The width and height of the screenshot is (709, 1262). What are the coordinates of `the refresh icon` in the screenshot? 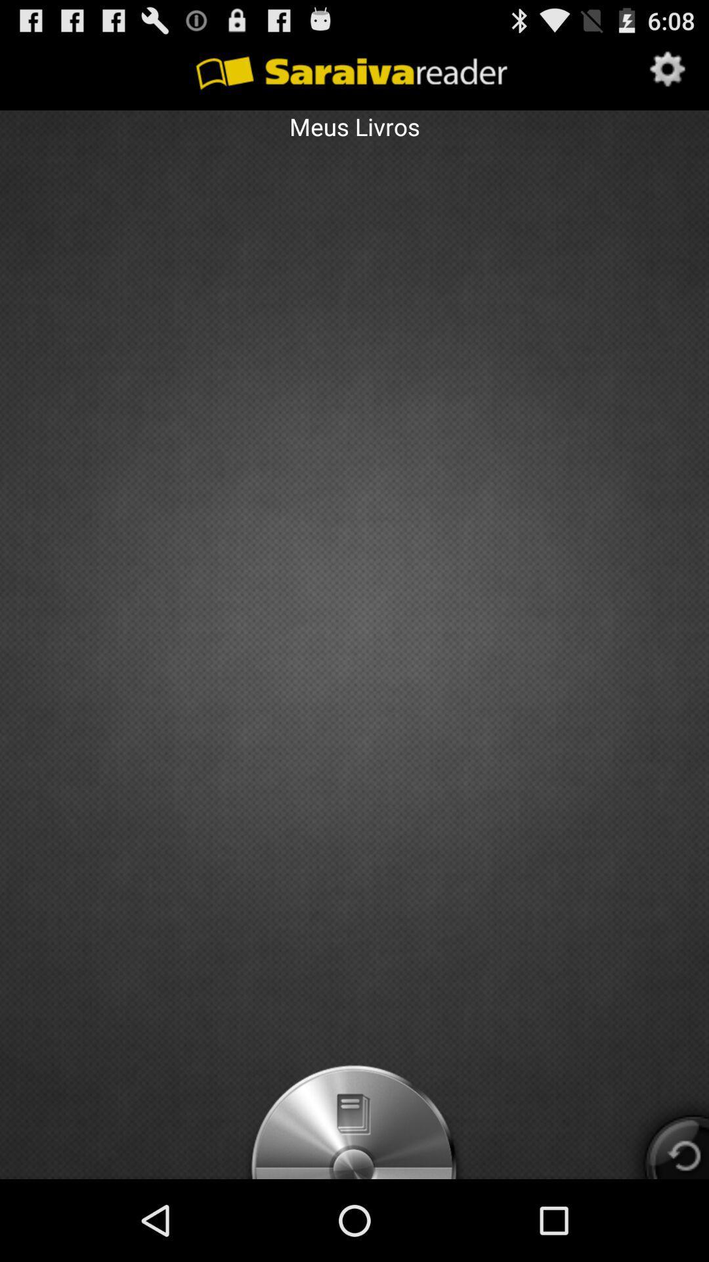 It's located at (664, 1214).